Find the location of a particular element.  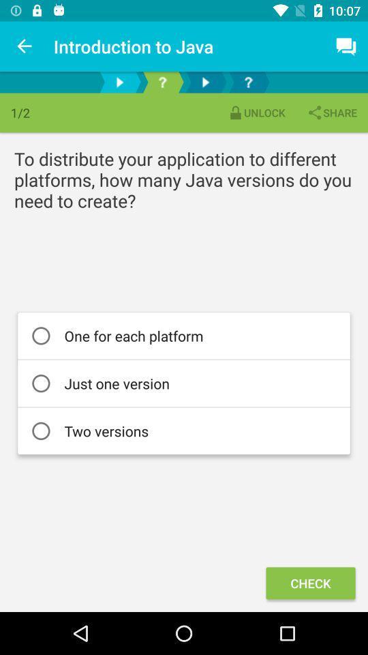

icon above share icon is located at coordinates (346, 46).